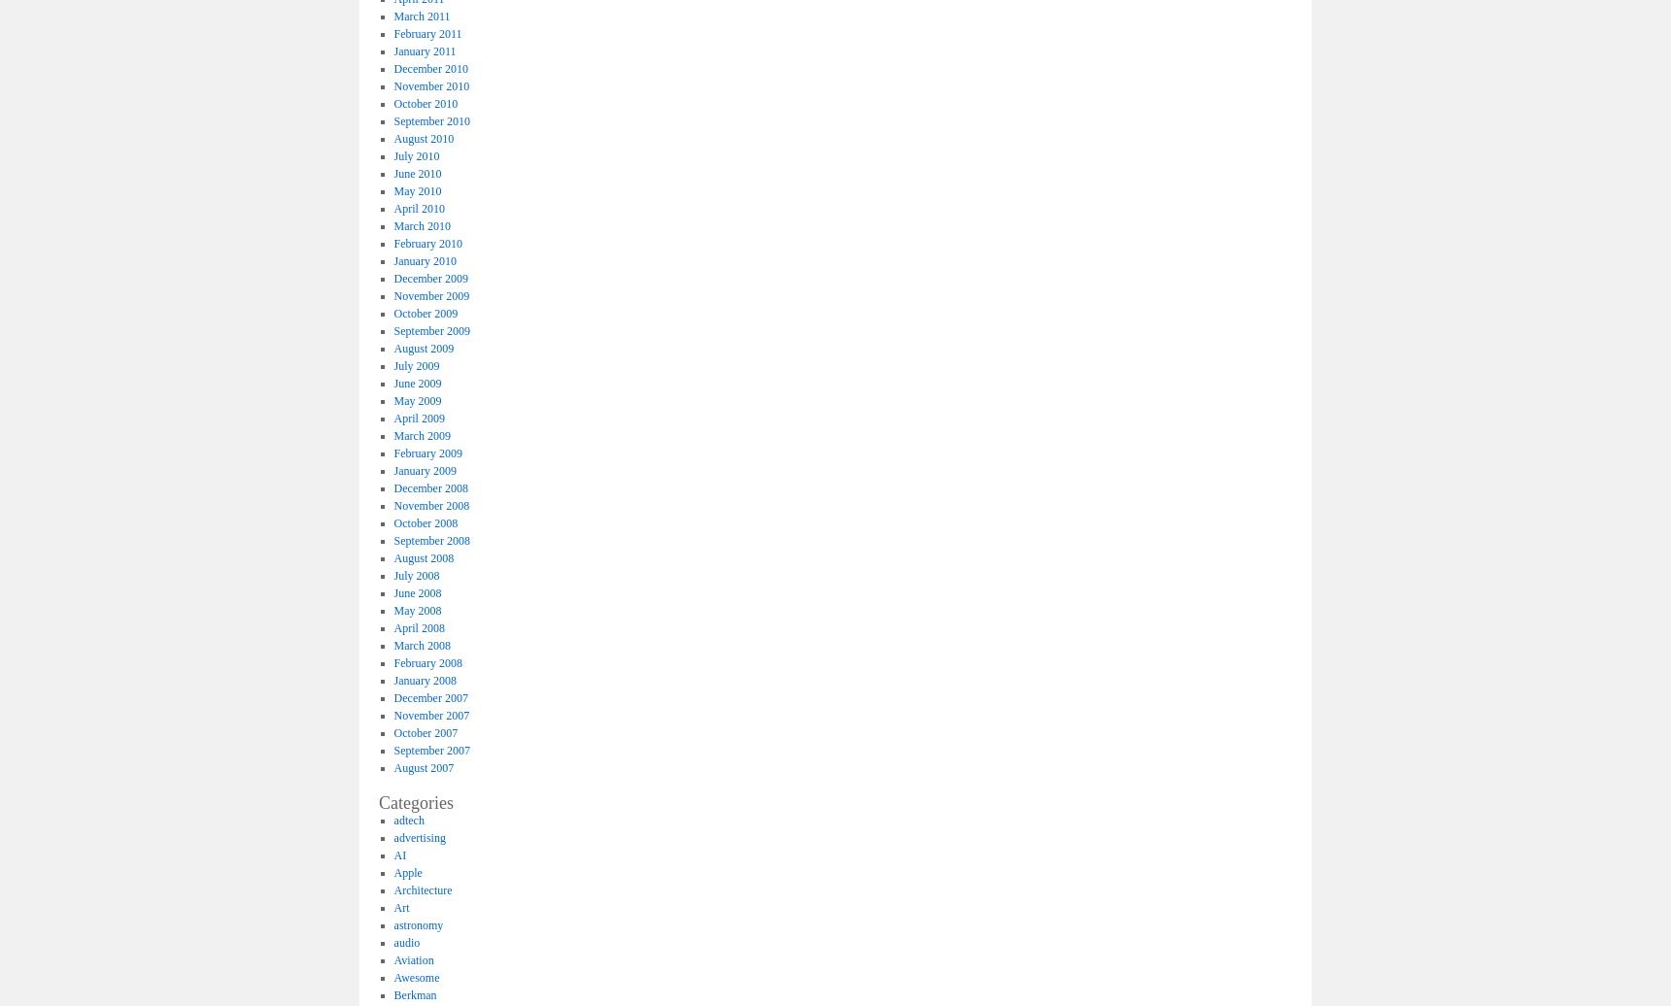 This screenshot has height=1006, width=1671. Describe the element at coordinates (425, 312) in the screenshot. I see `'October 2009'` at that location.